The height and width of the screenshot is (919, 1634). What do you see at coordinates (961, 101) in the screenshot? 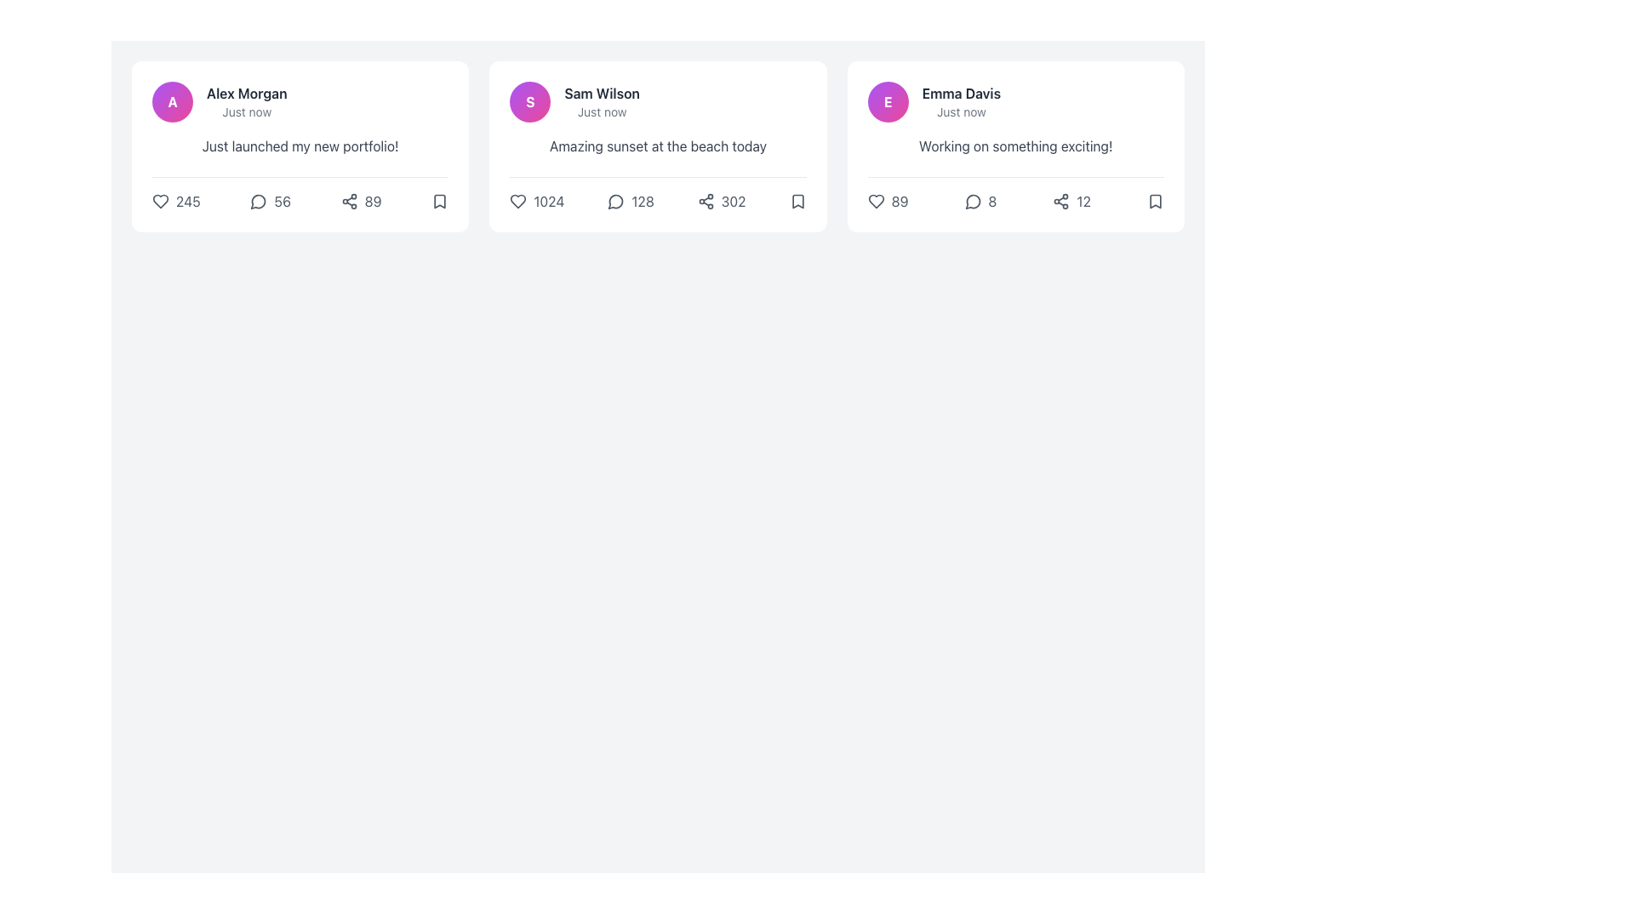
I see `the label displaying 'Emma Davis'` at bounding box center [961, 101].